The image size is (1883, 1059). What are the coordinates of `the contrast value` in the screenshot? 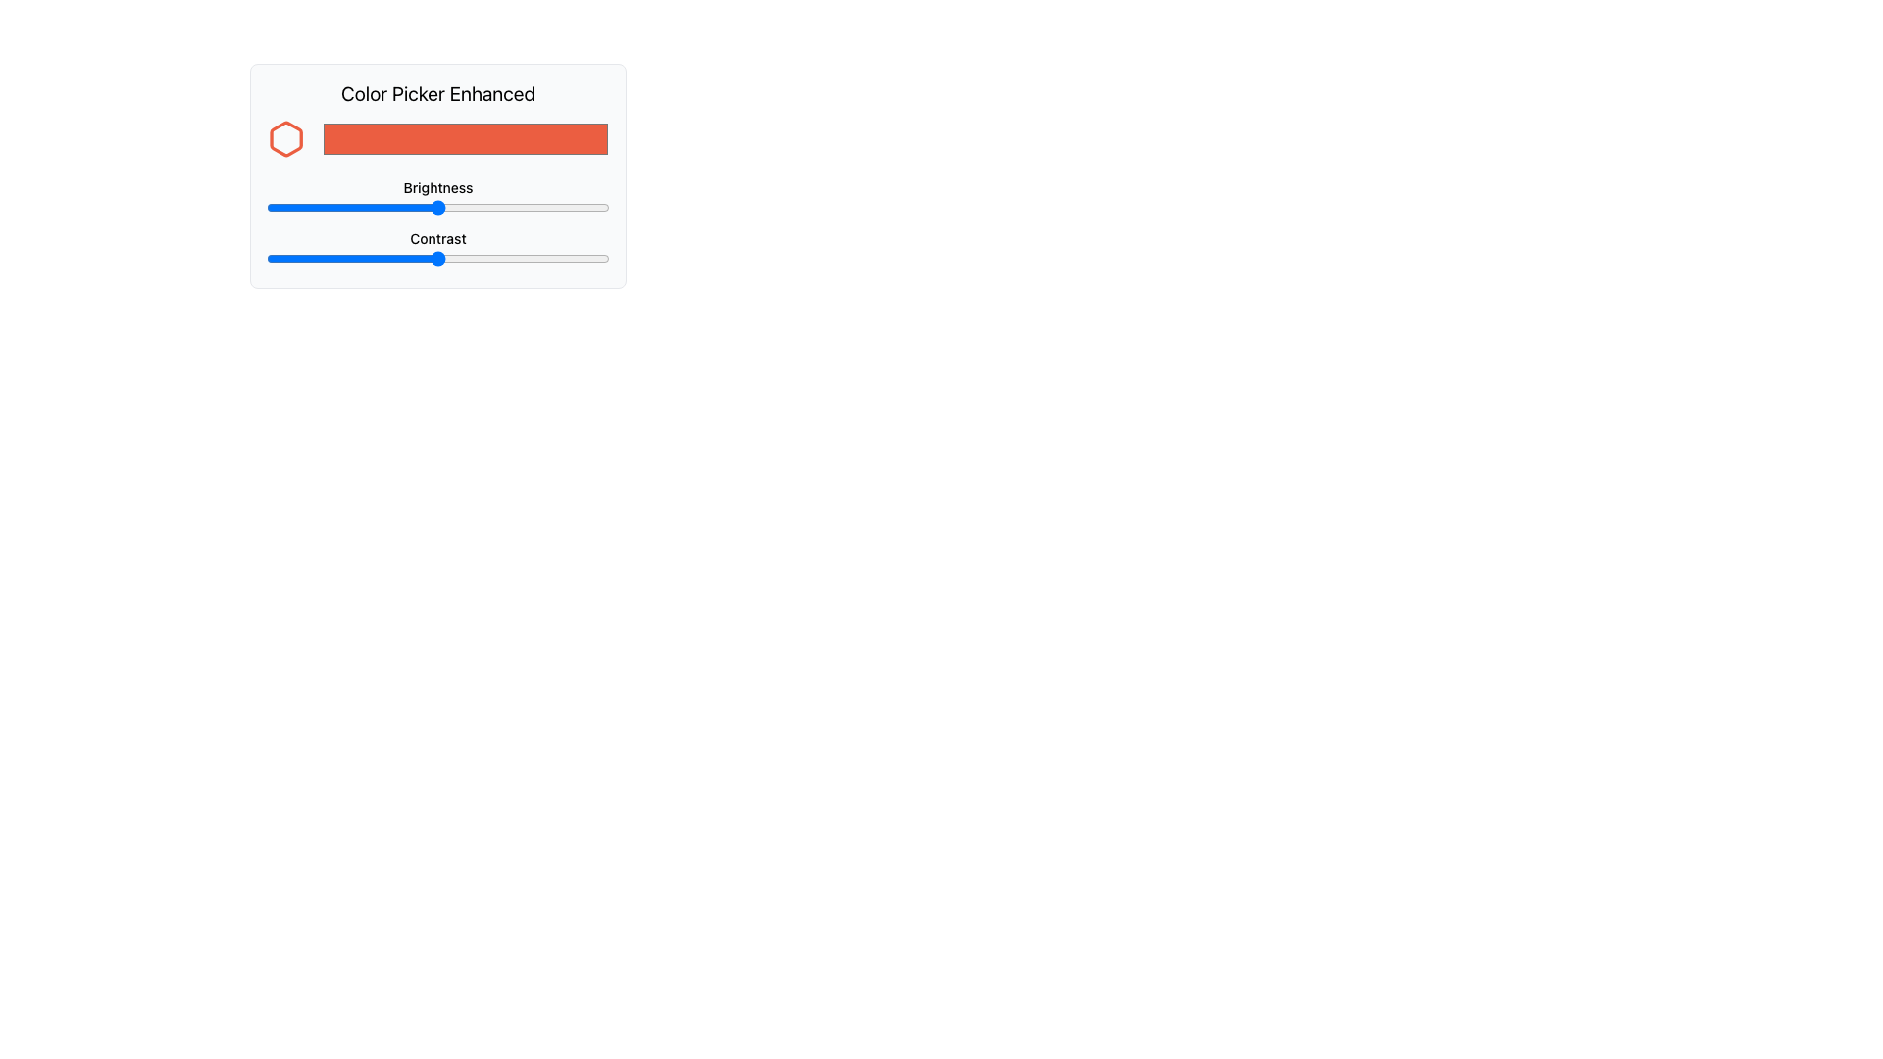 It's located at (587, 257).